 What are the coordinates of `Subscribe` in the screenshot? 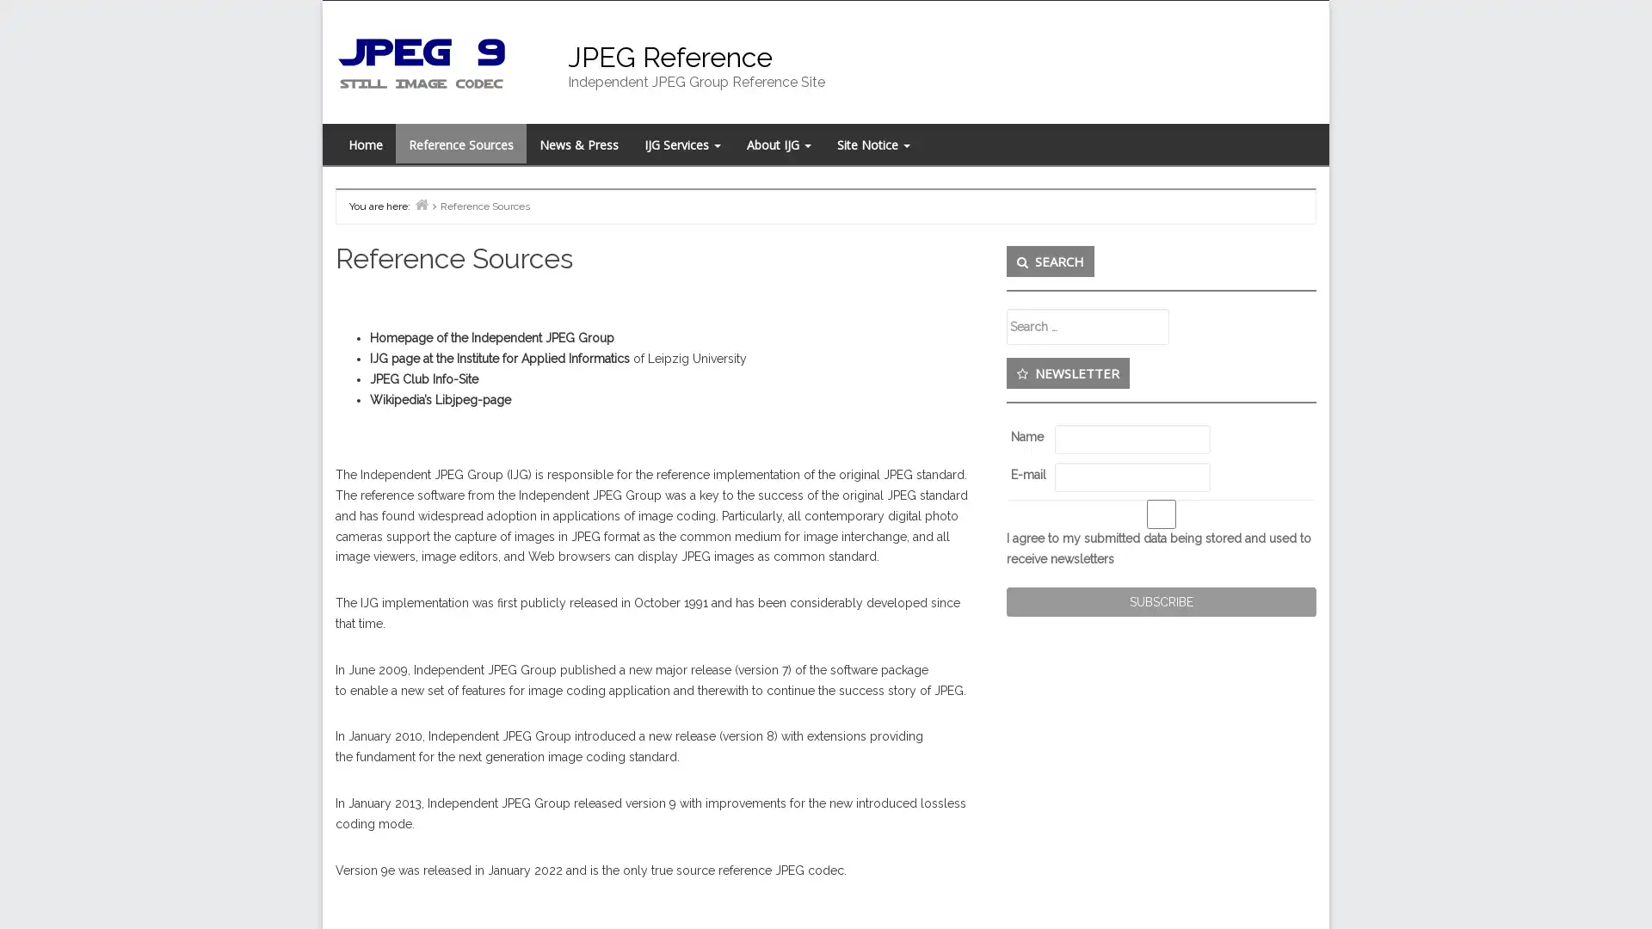 It's located at (1161, 600).